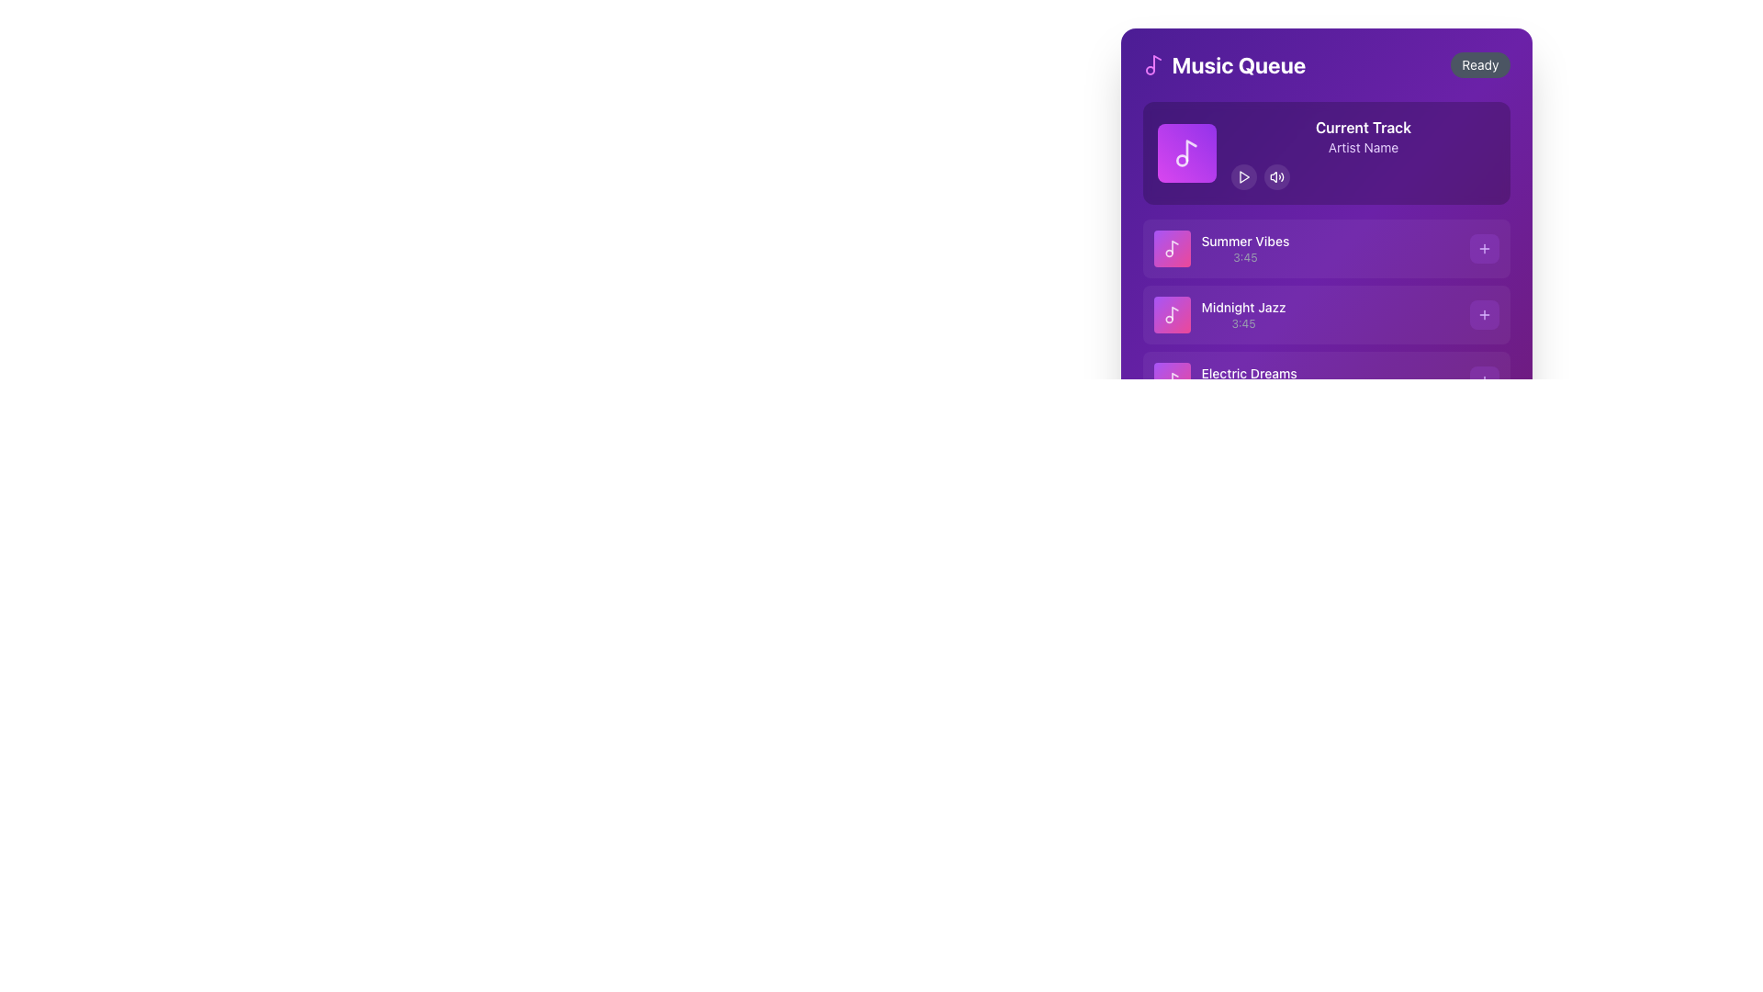 The height and width of the screenshot is (992, 1763). Describe the element at coordinates (1152, 63) in the screenshot. I see `the purple musical note icon located to the left of the 'Music Queue' text in the header of the card` at that location.